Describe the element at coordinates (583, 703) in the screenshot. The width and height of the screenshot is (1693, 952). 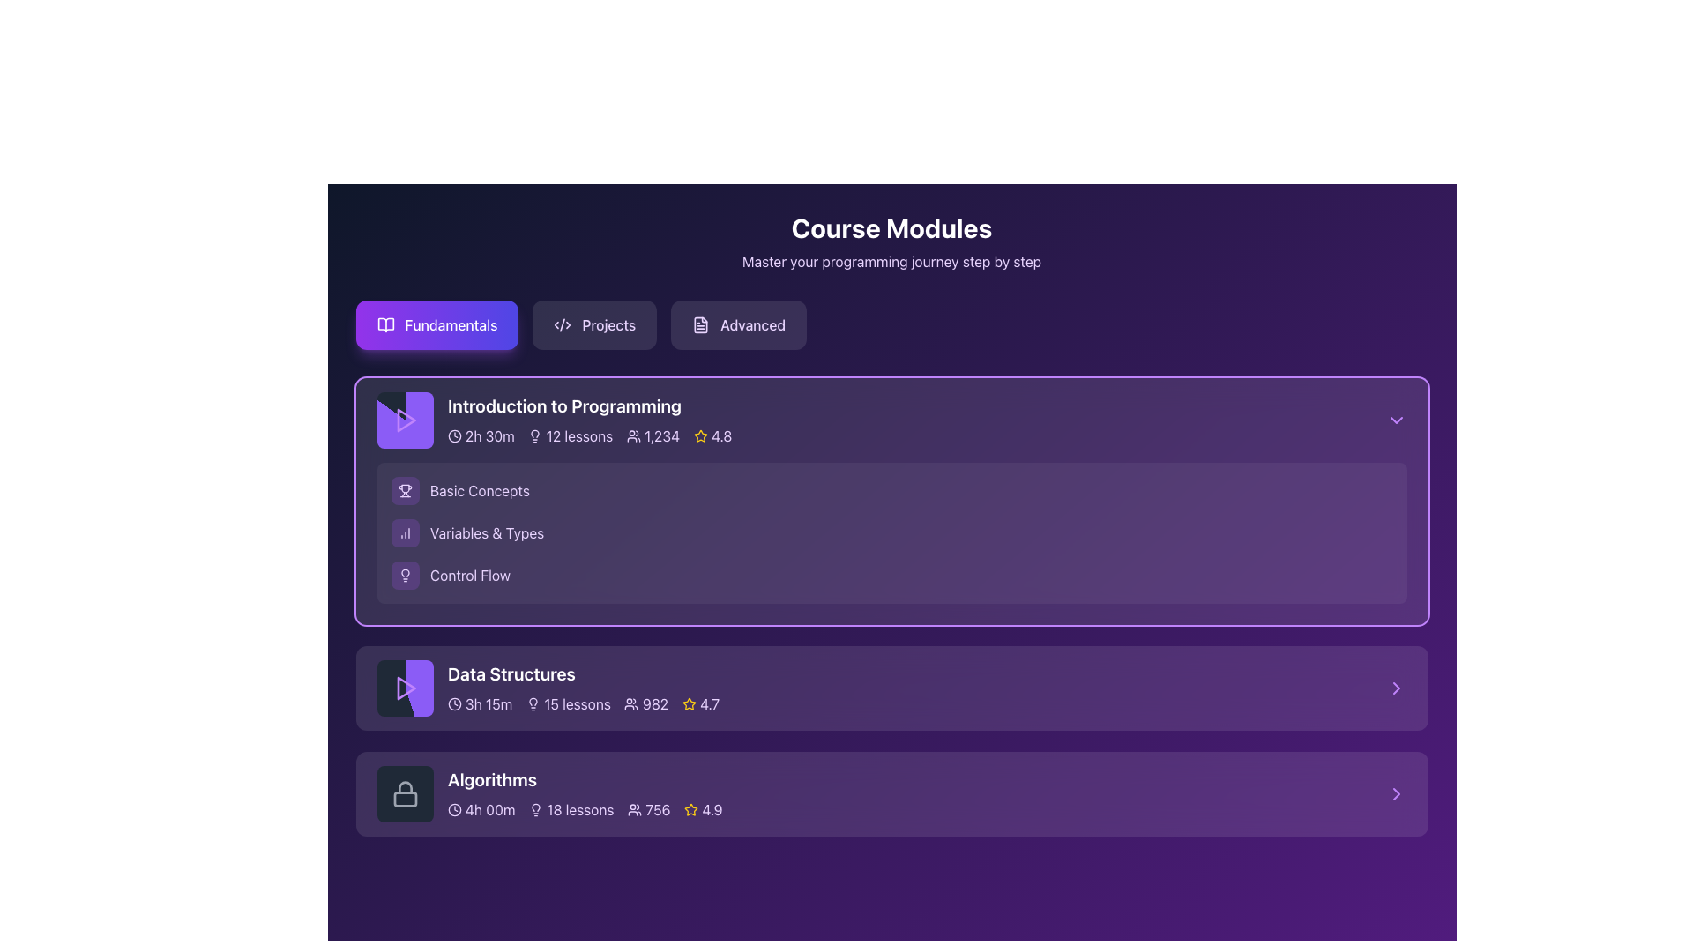
I see `details for quick course assessment from the informational text about the 'Data Structures' course, which is located below the title in the 'Fundamentals' module` at that location.